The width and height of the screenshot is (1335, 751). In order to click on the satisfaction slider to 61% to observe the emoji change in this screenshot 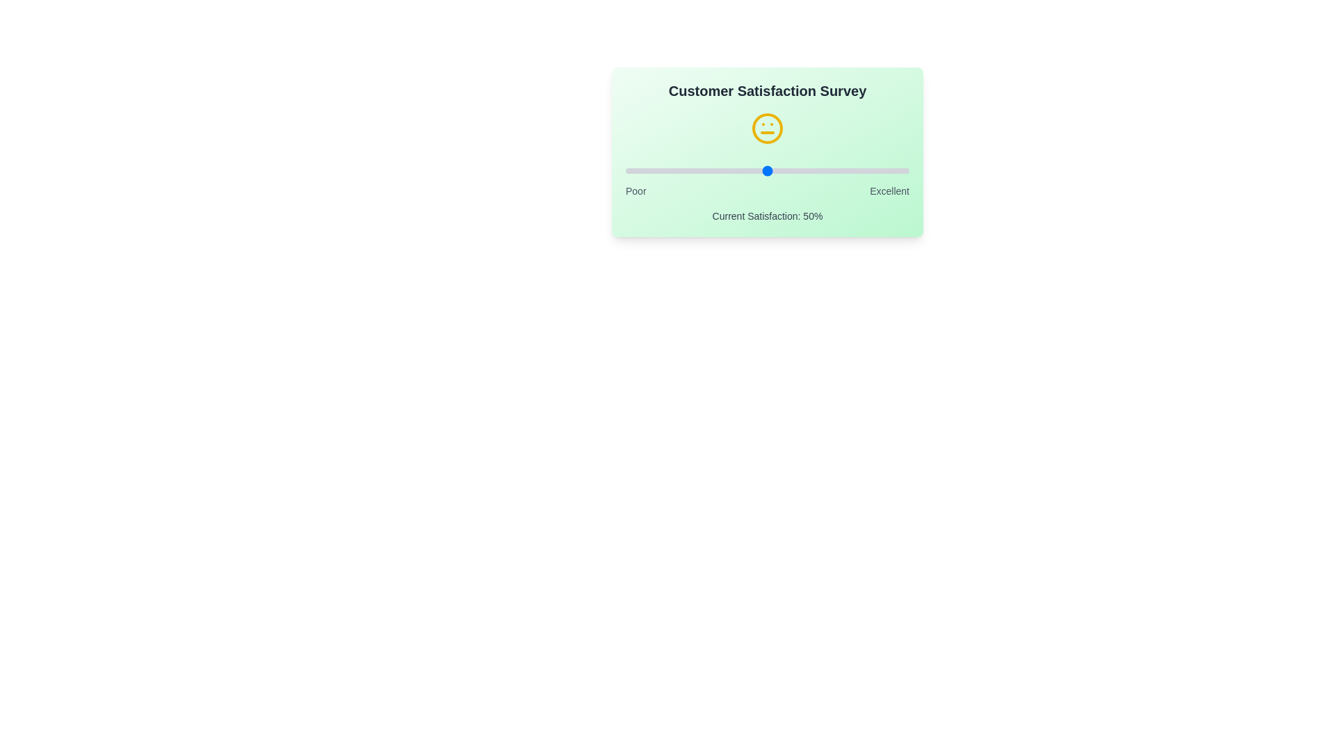, I will do `click(798, 170)`.